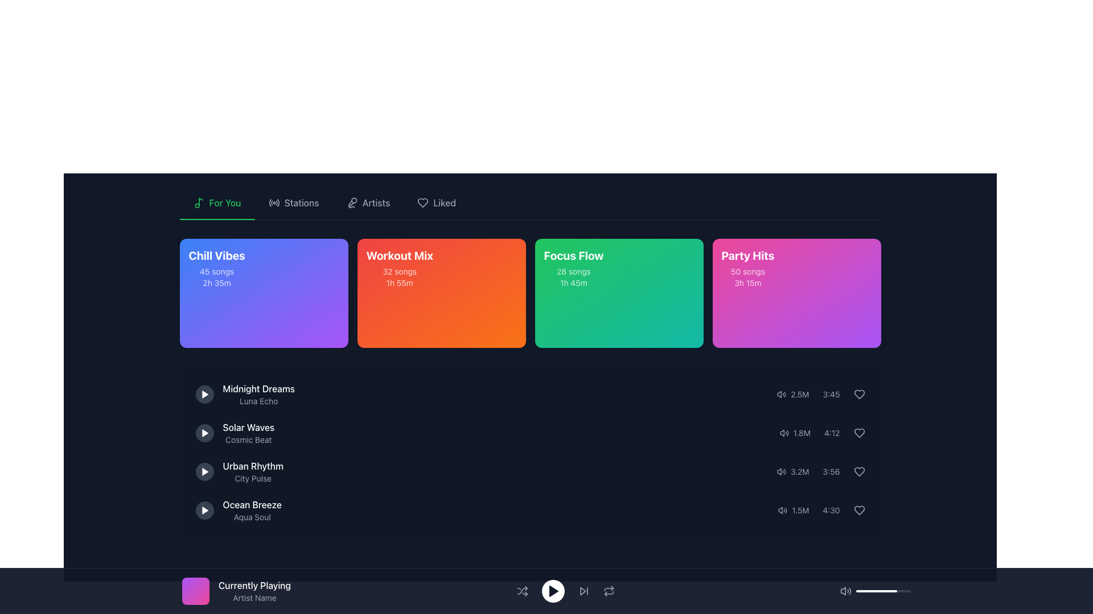 The height and width of the screenshot is (614, 1093). I want to click on the static text element that identifies the currently playing track, located at the bottom-left of the interface, above the 'Artist Name' text, so click(254, 585).